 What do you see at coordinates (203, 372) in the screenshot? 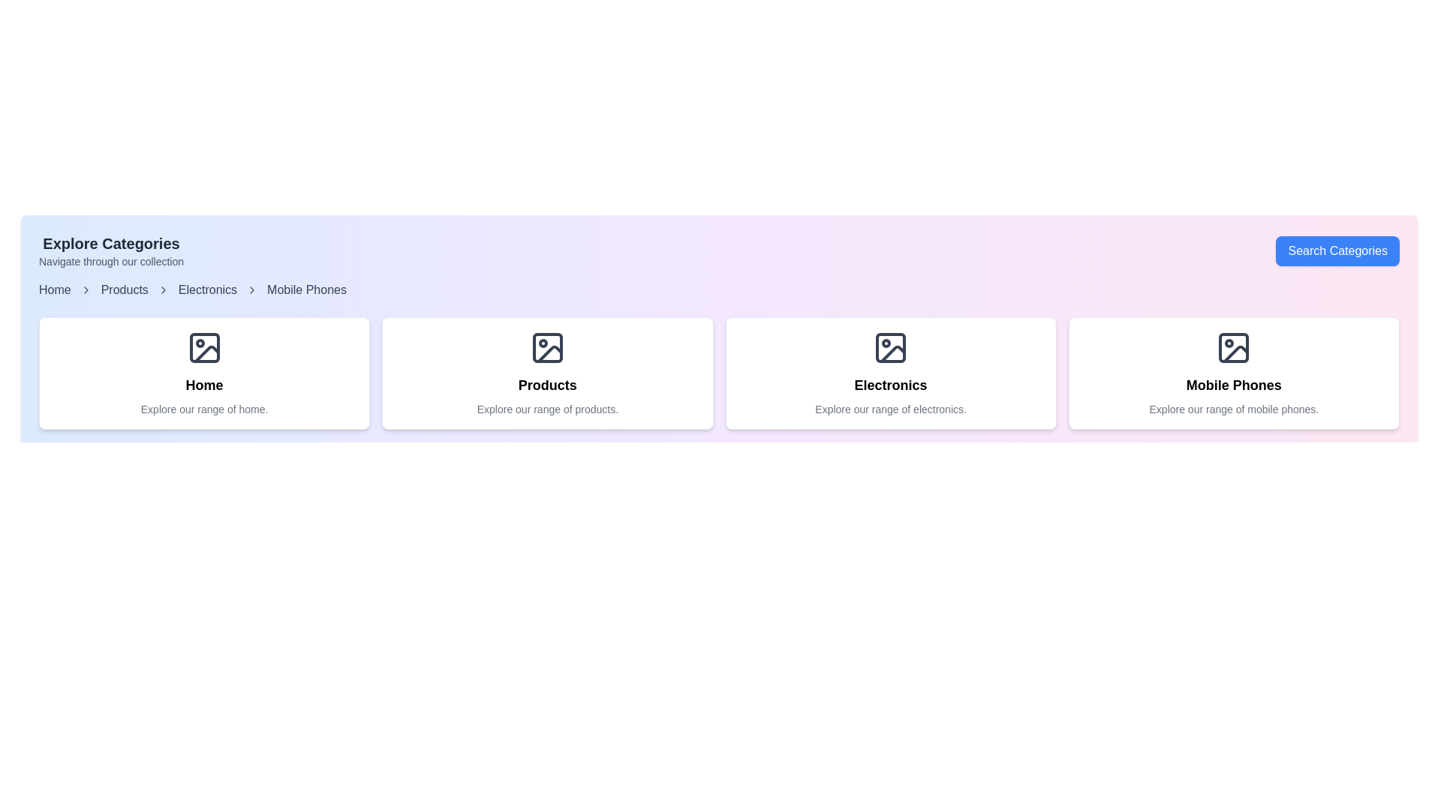
I see `the first clickable card in the 'Explore Categories' section` at bounding box center [203, 372].